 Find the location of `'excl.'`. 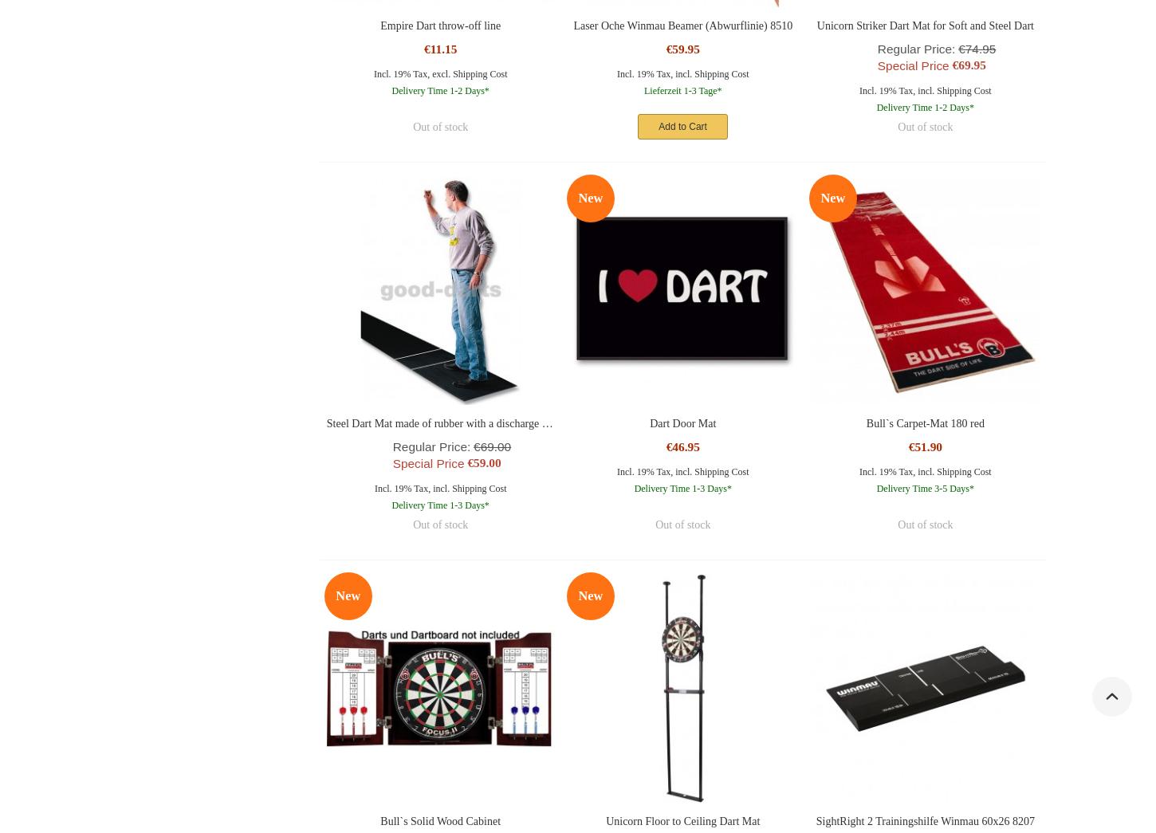

'excl.' is located at coordinates (442, 74).